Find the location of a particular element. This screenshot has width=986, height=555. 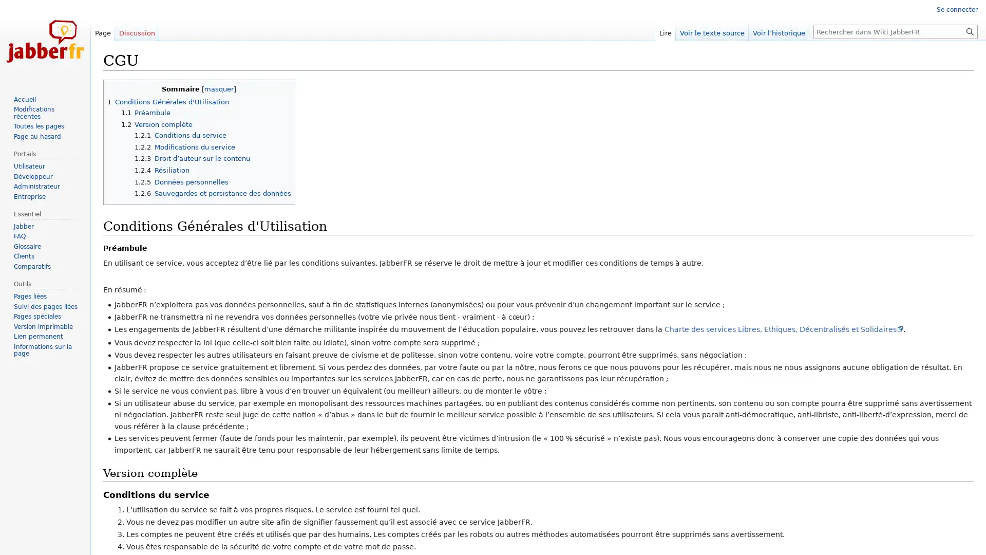

Lire is located at coordinates (970, 31).